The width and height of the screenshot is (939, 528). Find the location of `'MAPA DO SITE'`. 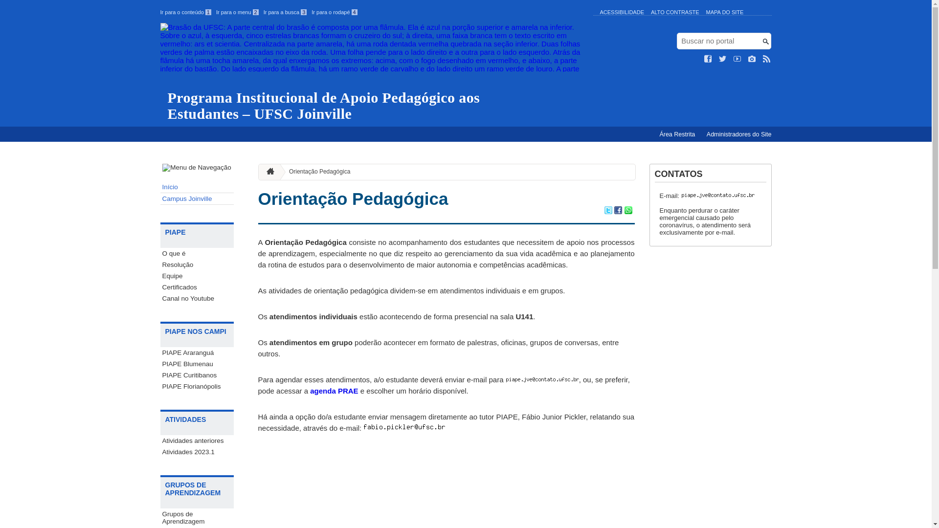

'MAPA DO SITE' is located at coordinates (725, 12).